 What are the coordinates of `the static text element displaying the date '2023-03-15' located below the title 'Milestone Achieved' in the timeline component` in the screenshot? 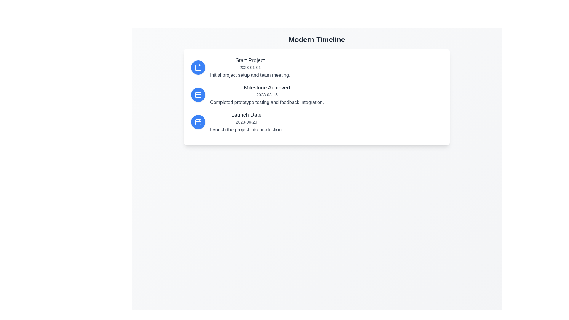 It's located at (267, 95).